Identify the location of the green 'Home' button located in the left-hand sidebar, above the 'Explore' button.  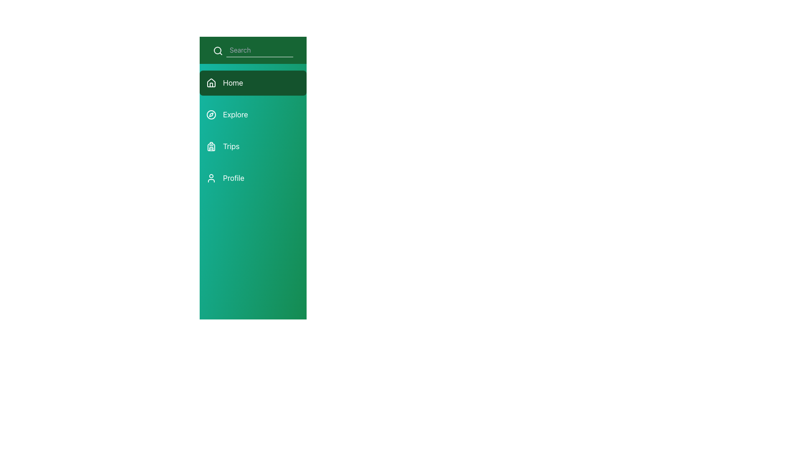
(252, 83).